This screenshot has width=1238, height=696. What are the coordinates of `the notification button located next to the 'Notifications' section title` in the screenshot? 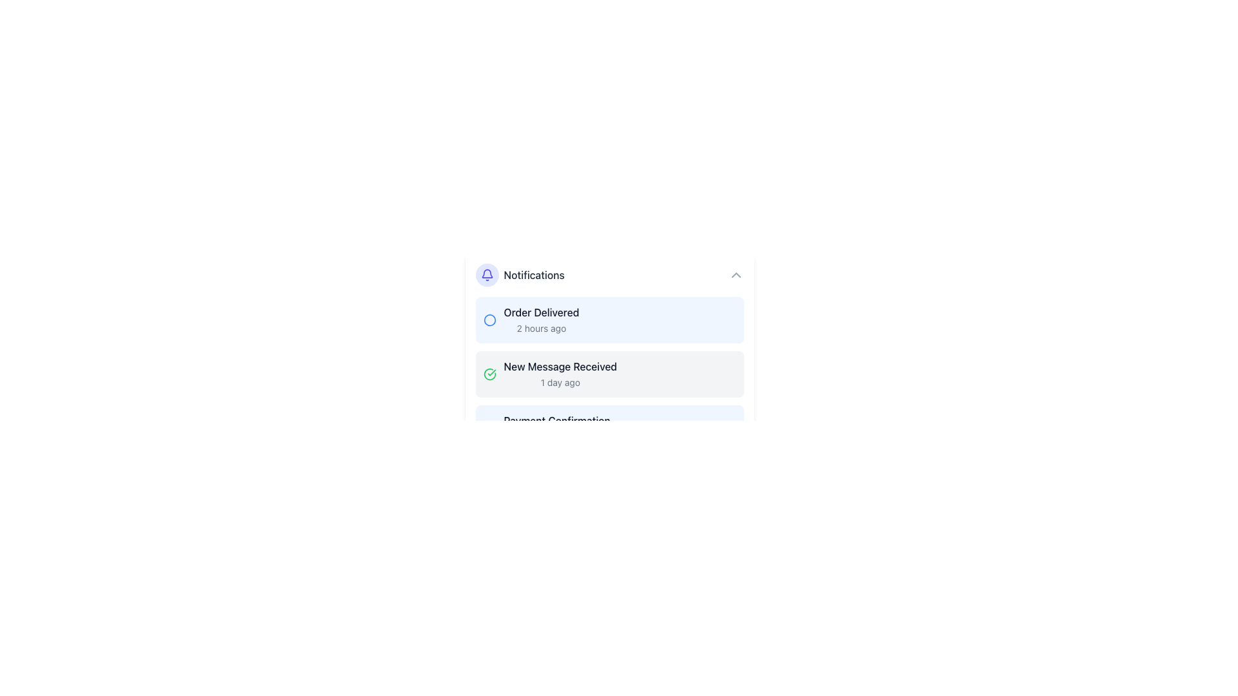 It's located at (486, 275).